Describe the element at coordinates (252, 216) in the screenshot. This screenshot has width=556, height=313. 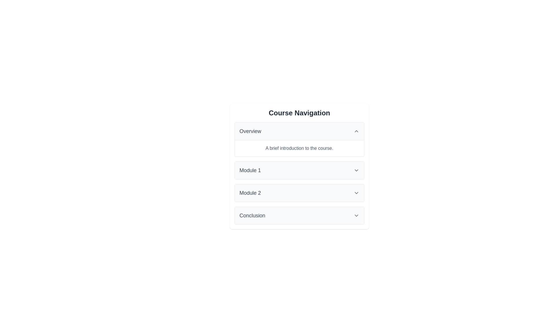
I see `the 'Conclusion' section header label located at the bottom of the 'Course Navigation' vertical list, just below 'Module 2'` at that location.